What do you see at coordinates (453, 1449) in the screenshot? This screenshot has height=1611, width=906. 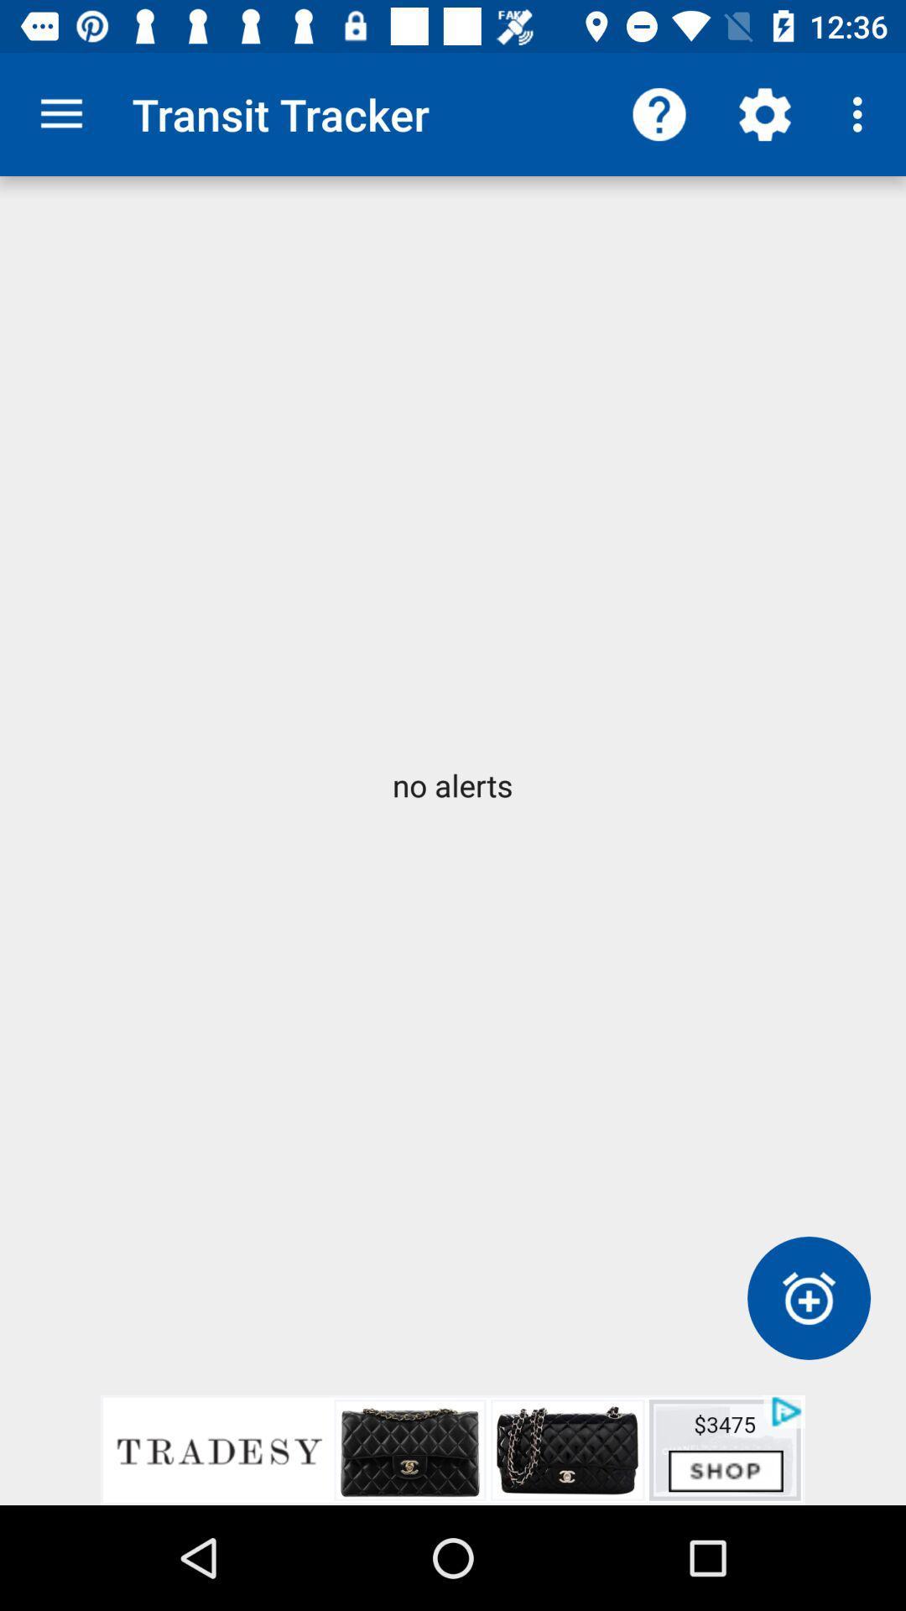 I see `advertisement` at bounding box center [453, 1449].